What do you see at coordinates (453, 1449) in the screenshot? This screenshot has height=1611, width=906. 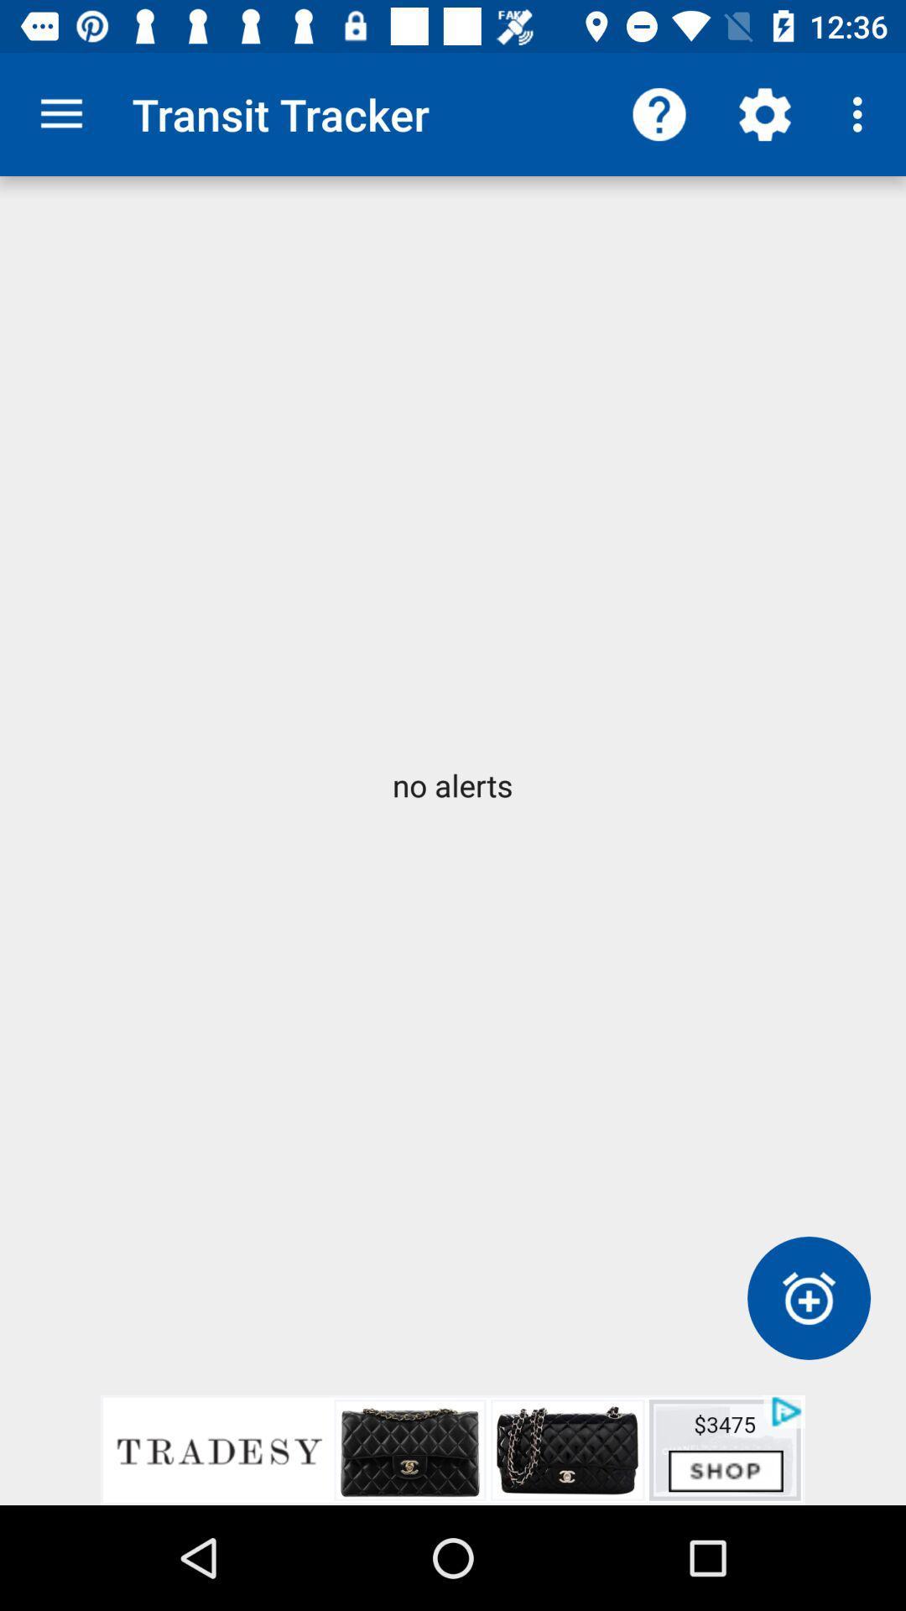 I see `advertisement` at bounding box center [453, 1449].